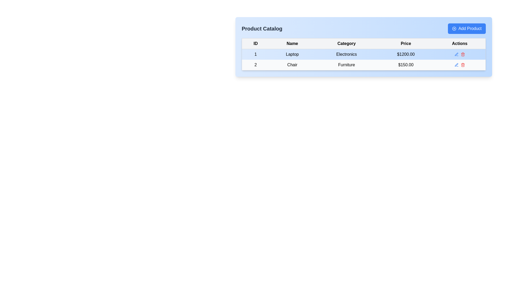 The image size is (505, 284). I want to click on the 'Furniture' text label located in the third cell of the second row of the 'Product Catalog' table under the 'Category' column, so click(346, 65).